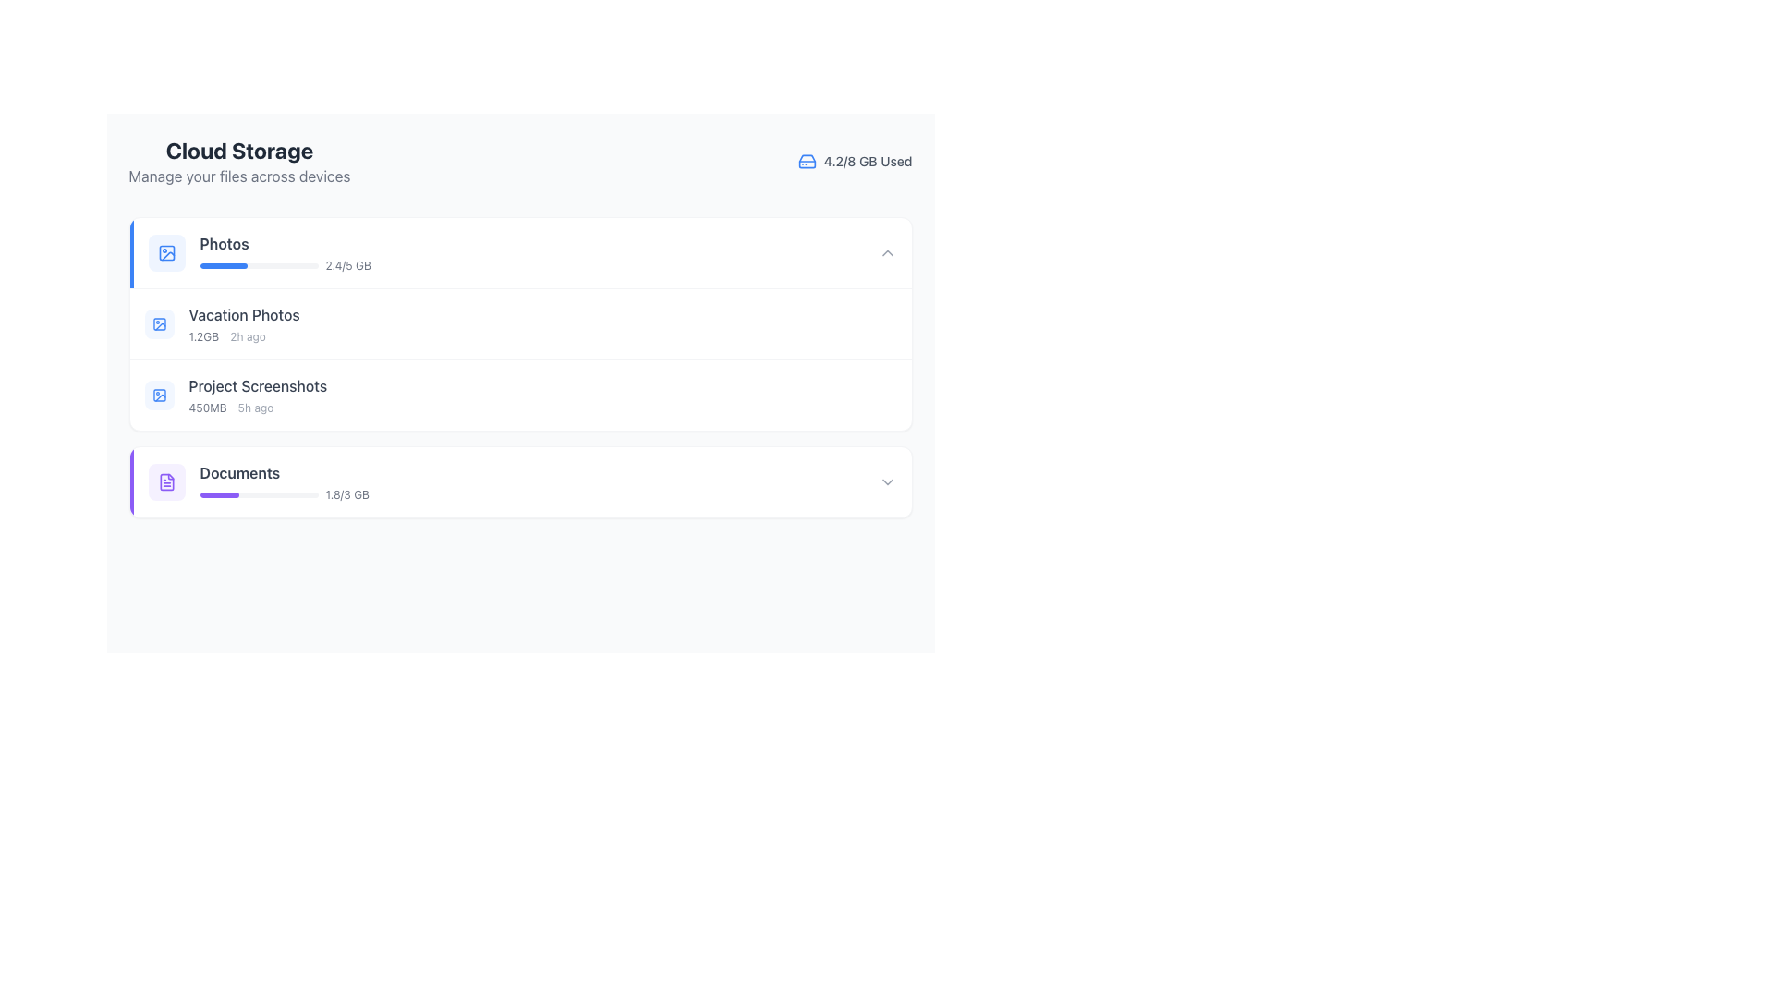 Image resolution: width=1774 pixels, height=998 pixels. What do you see at coordinates (166, 481) in the screenshot?
I see `the document icon located in the 'Documents' section, characterized by its purple color and modern design with rounded edges` at bounding box center [166, 481].